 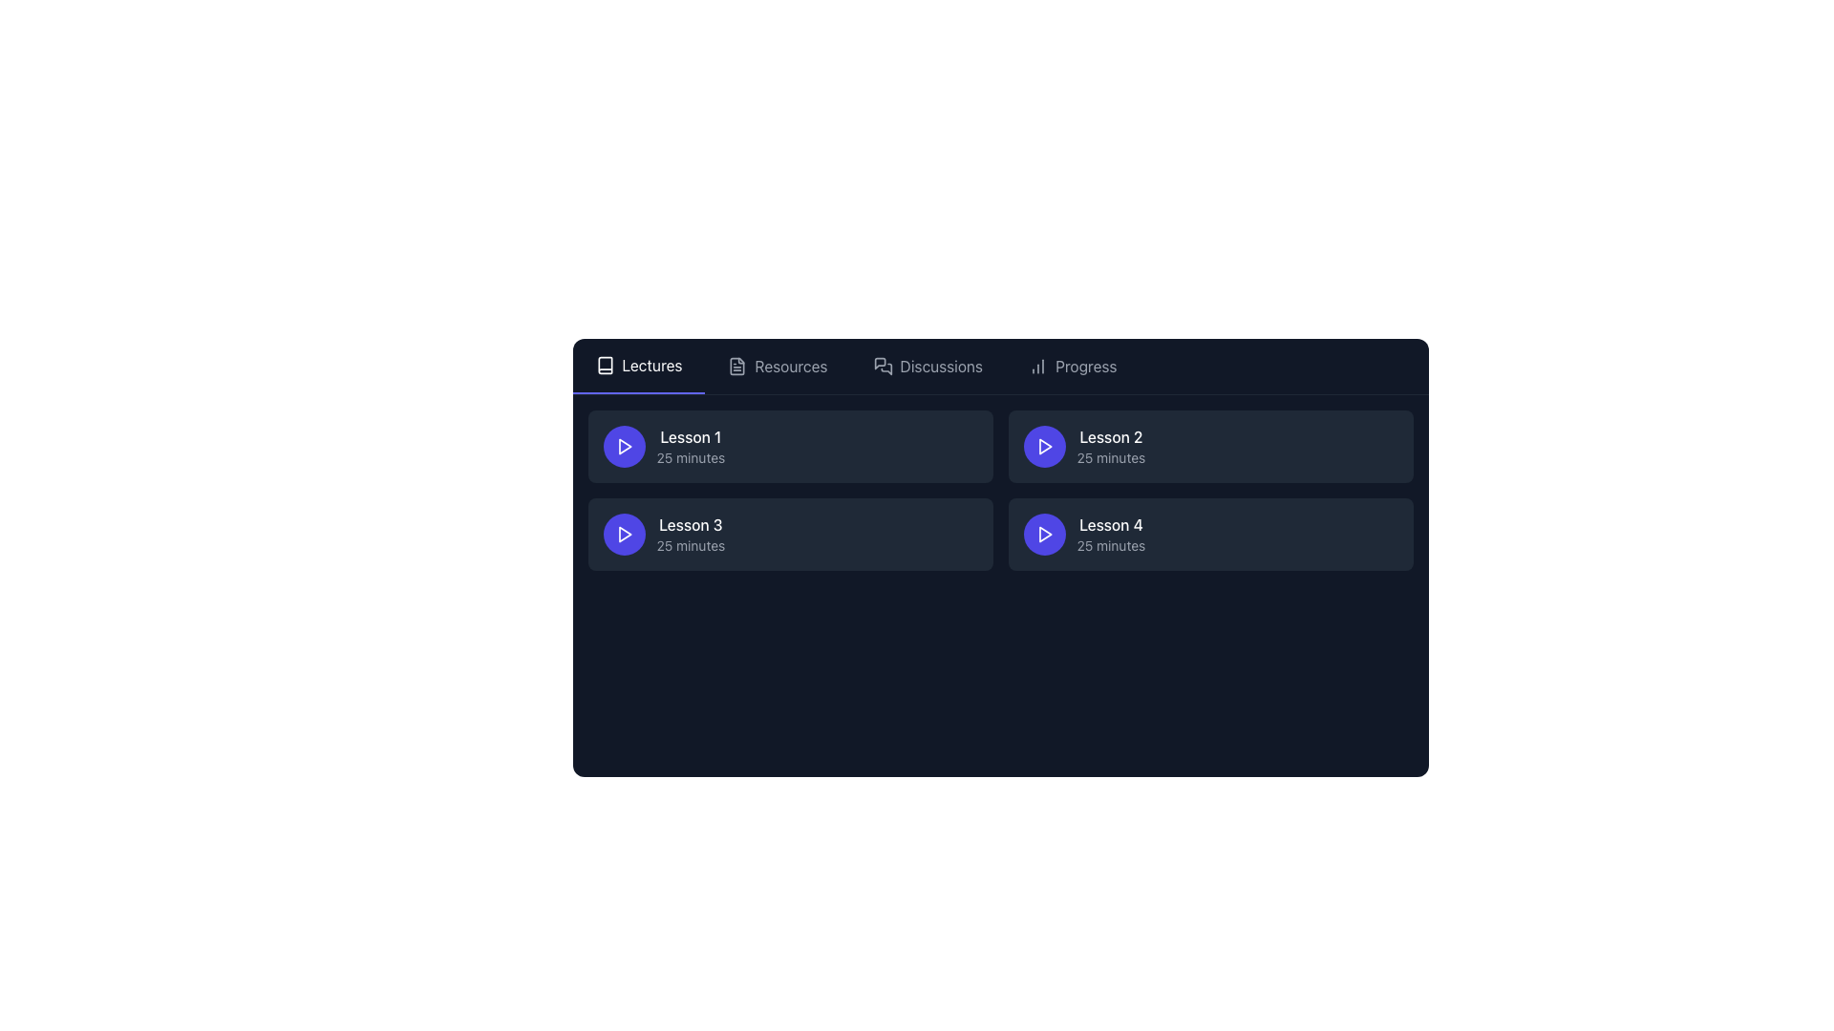 What do you see at coordinates (624, 534) in the screenshot?
I see `the play button for 'Lesson 3' located in the second row of the lessons grid` at bounding box center [624, 534].